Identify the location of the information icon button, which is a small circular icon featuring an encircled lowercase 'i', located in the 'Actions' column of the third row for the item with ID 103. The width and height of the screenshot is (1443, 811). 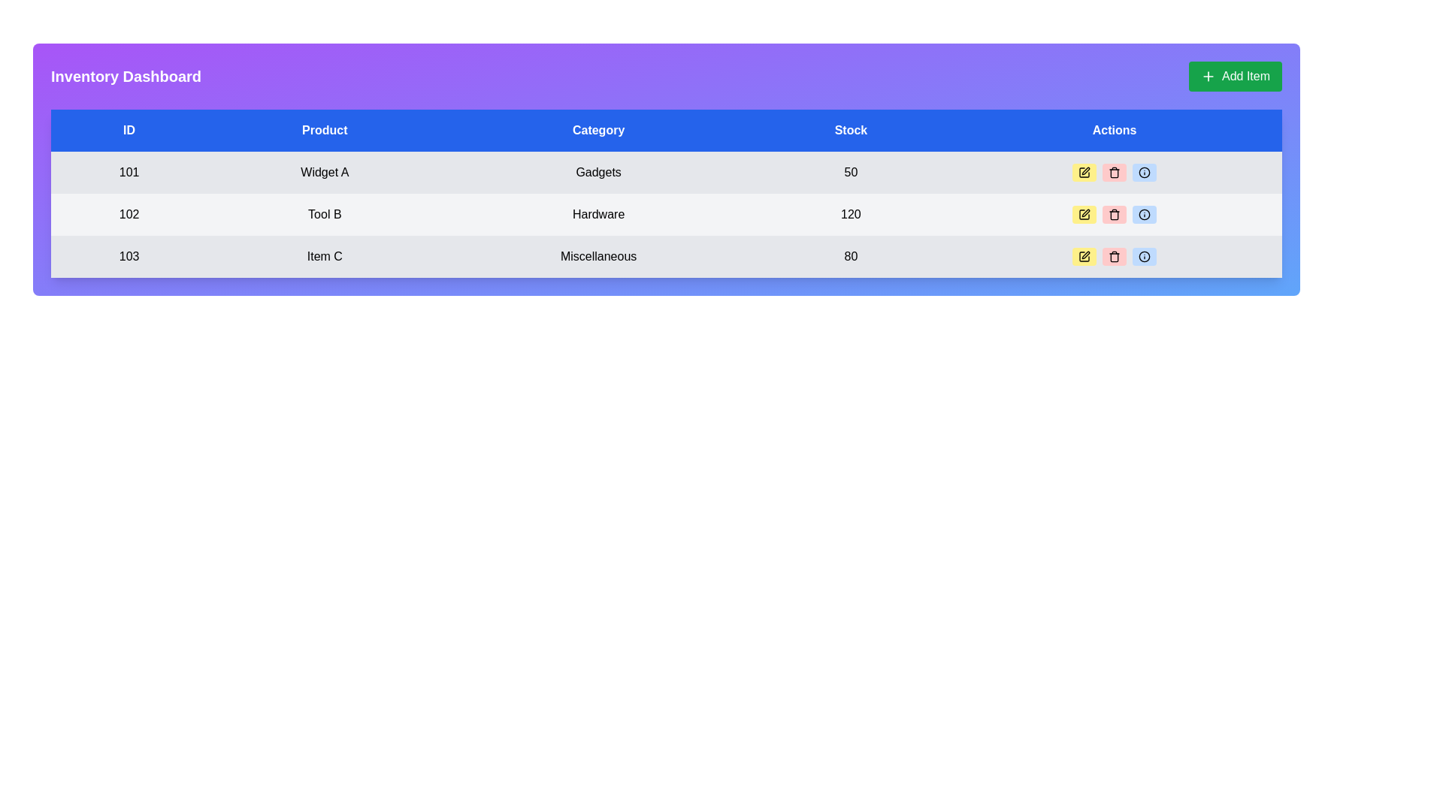
(1143, 172).